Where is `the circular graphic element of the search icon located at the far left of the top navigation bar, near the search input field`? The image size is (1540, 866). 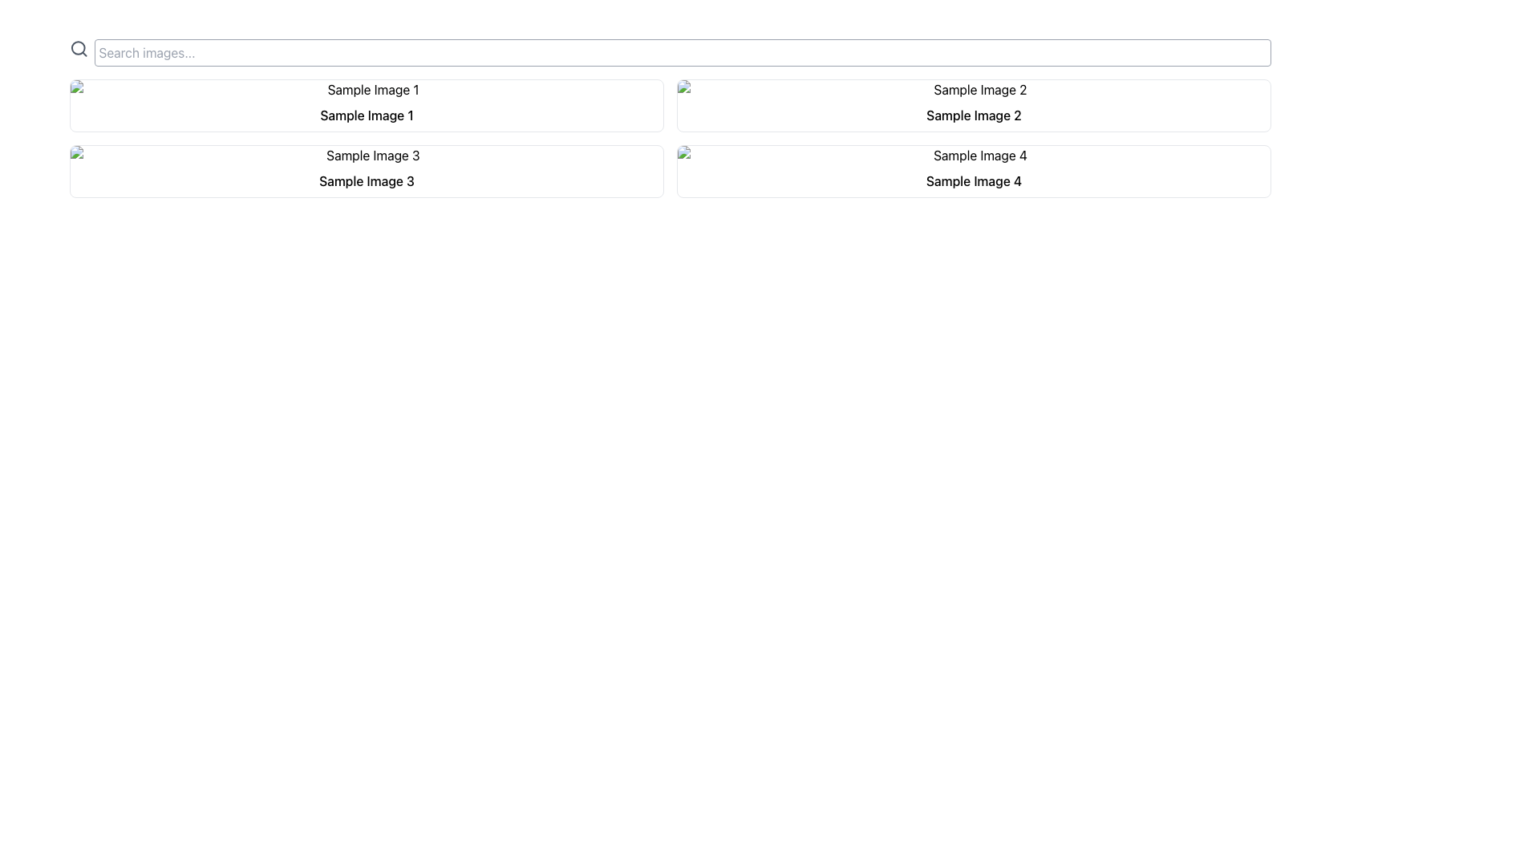
the circular graphic element of the search icon located at the far left of the top navigation bar, near the search input field is located at coordinates (77, 47).